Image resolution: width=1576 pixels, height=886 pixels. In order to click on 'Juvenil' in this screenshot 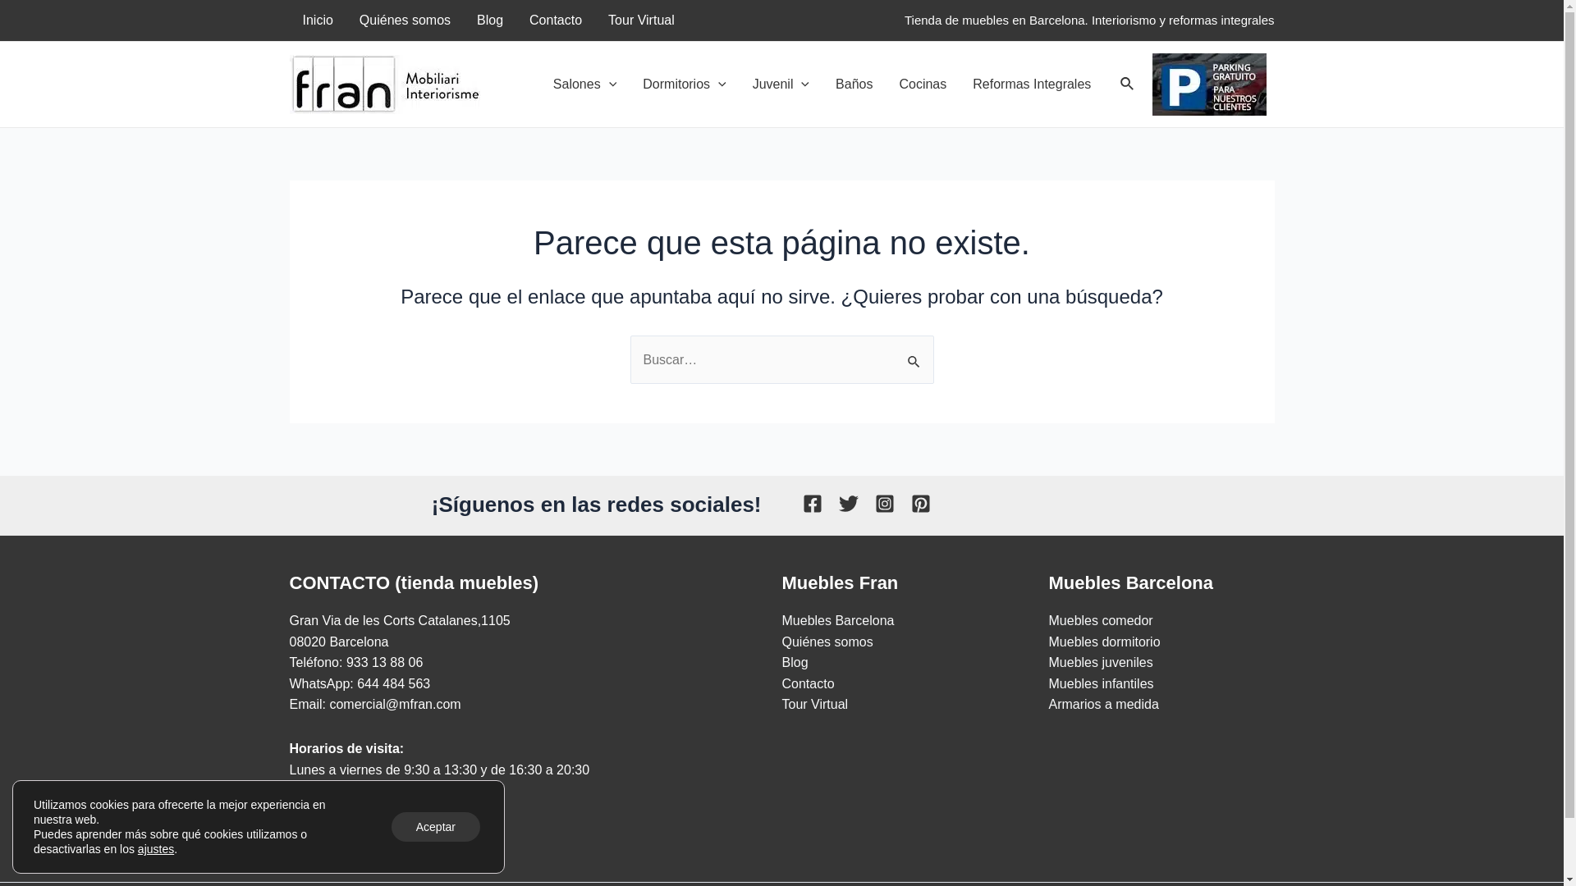, I will do `click(780, 84)`.